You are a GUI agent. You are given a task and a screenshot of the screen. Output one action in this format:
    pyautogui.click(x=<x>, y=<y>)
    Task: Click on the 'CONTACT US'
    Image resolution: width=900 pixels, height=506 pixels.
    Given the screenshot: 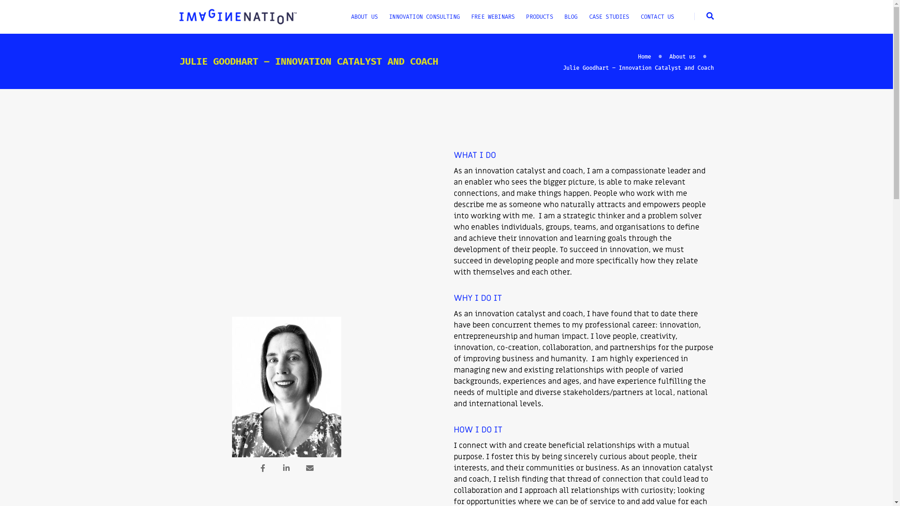 What is the action you would take?
    pyautogui.click(x=640, y=16)
    